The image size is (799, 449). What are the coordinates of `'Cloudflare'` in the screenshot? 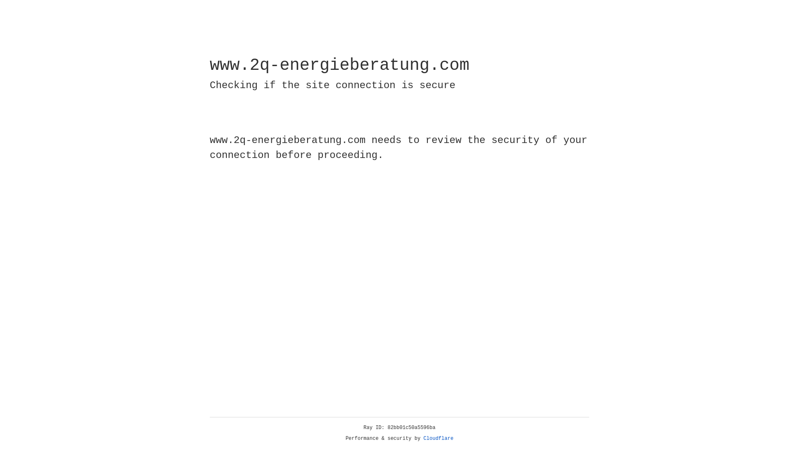 It's located at (438, 438).